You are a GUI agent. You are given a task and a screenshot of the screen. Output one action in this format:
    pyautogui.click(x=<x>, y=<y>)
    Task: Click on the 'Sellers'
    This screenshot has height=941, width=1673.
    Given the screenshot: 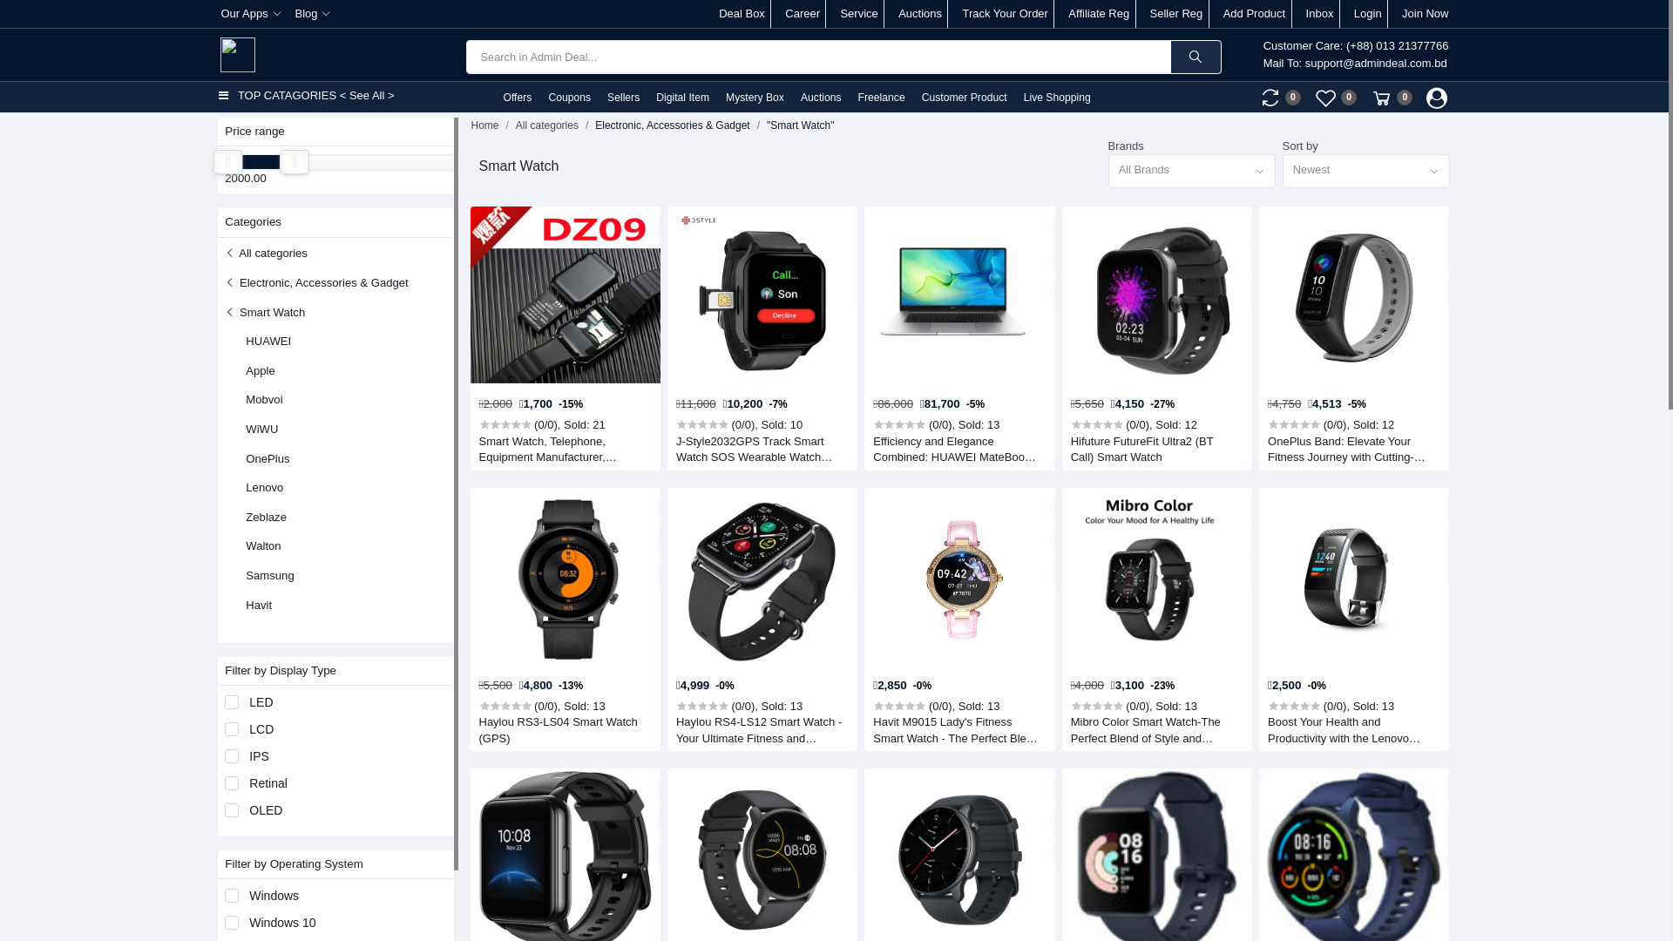 What is the action you would take?
    pyautogui.click(x=600, y=97)
    